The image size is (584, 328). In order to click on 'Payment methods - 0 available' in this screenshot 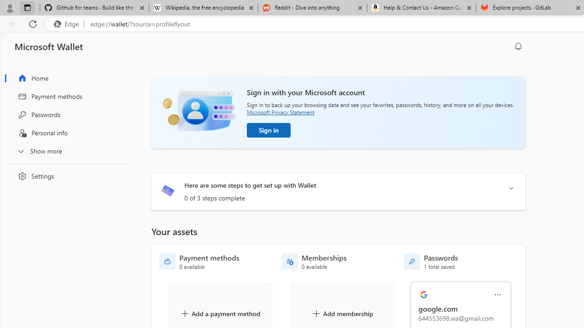, I will do `click(199, 261)`.